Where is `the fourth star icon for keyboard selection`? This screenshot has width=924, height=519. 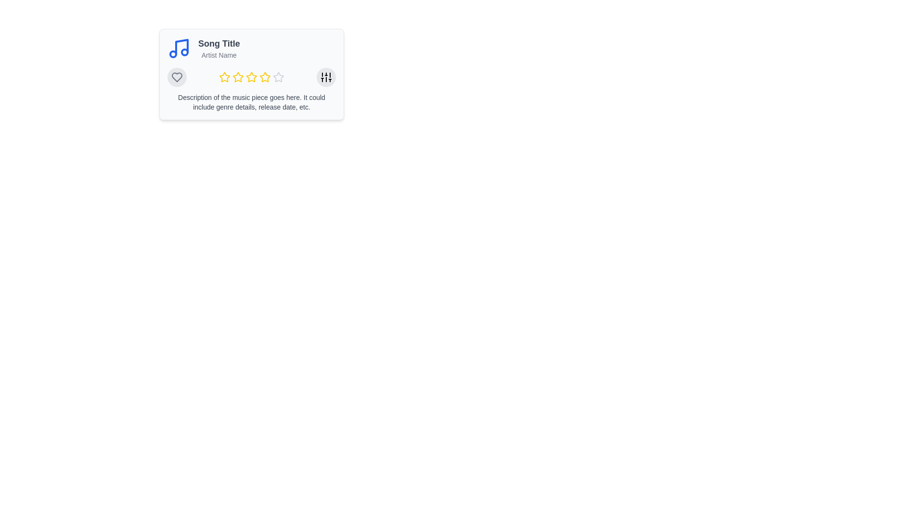
the fourth star icon for keyboard selection is located at coordinates (278, 76).